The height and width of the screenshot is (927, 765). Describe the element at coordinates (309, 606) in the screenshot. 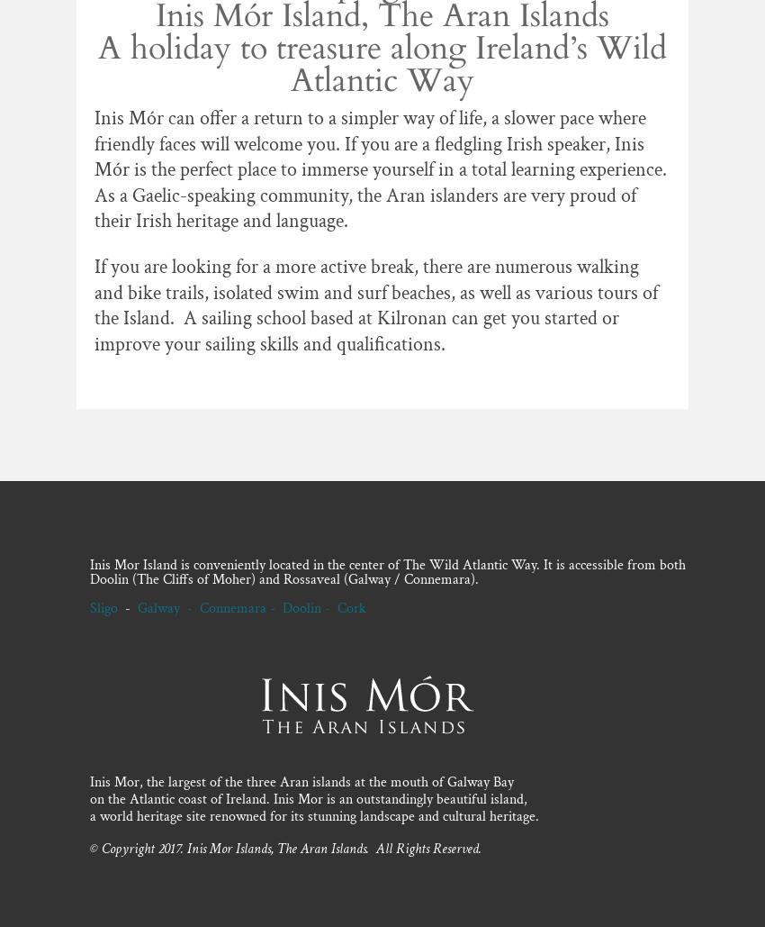

I see `'Doolin -'` at that location.